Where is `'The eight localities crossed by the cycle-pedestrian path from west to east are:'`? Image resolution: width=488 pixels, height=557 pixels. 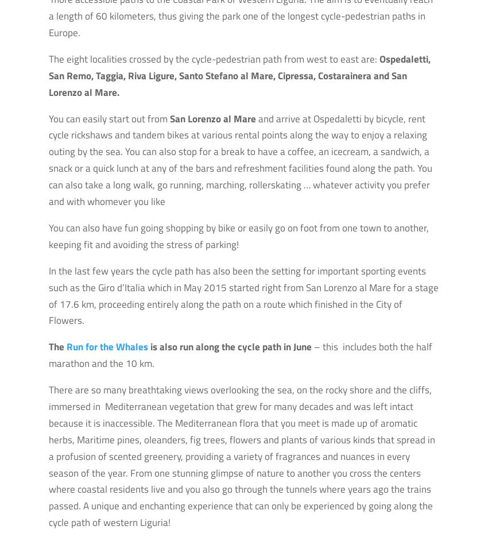 'The eight localities crossed by the cycle-pedestrian path from west to east are:' is located at coordinates (213, 59).